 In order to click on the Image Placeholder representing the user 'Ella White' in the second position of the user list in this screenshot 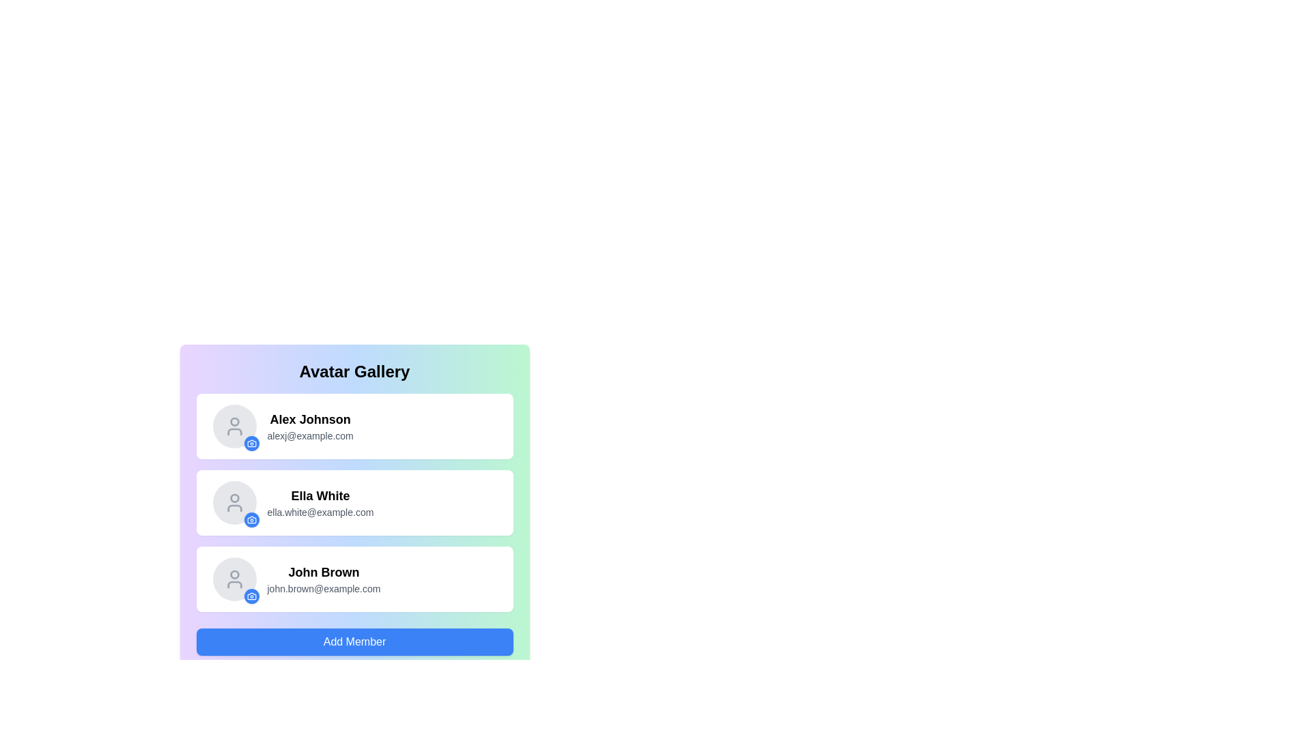, I will do `click(234, 502)`.